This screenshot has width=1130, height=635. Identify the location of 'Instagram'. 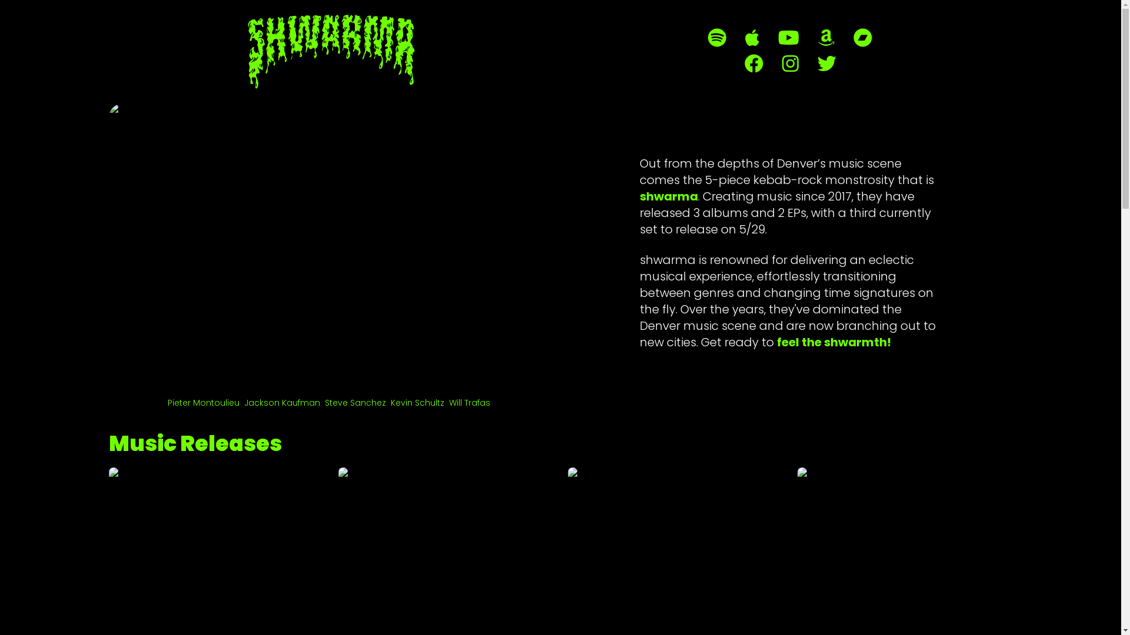
(790, 63).